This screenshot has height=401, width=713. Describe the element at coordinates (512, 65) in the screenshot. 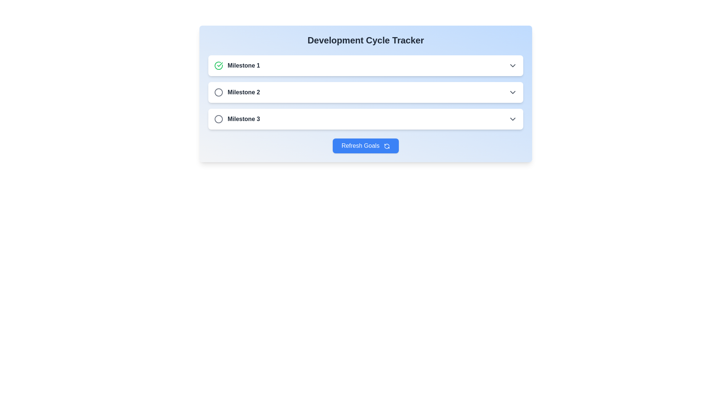

I see `the triangular downward-pointing arrow button representing a dropdown menu located at the far-right side of the 'Milestone 1' component for accessibility navigation` at that location.